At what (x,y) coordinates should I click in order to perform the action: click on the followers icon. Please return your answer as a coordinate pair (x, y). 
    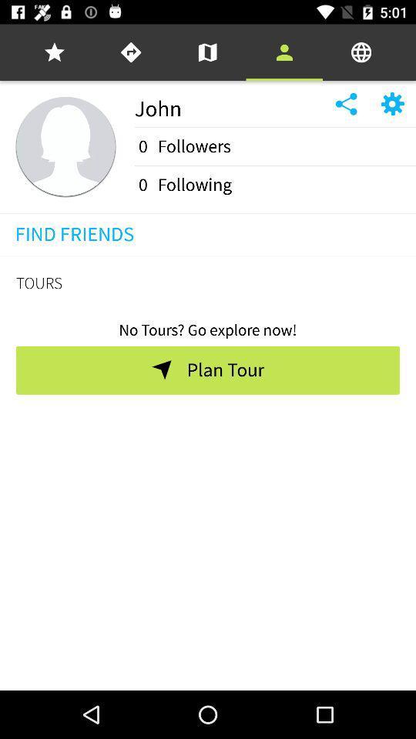
    Looking at the image, I should click on (194, 146).